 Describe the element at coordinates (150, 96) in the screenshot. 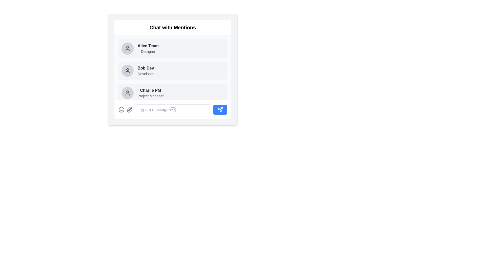

I see `descriptor text located directly beneath 'Charlie PM' in the chat panel, which serves as supplementary information for the list entry` at that location.